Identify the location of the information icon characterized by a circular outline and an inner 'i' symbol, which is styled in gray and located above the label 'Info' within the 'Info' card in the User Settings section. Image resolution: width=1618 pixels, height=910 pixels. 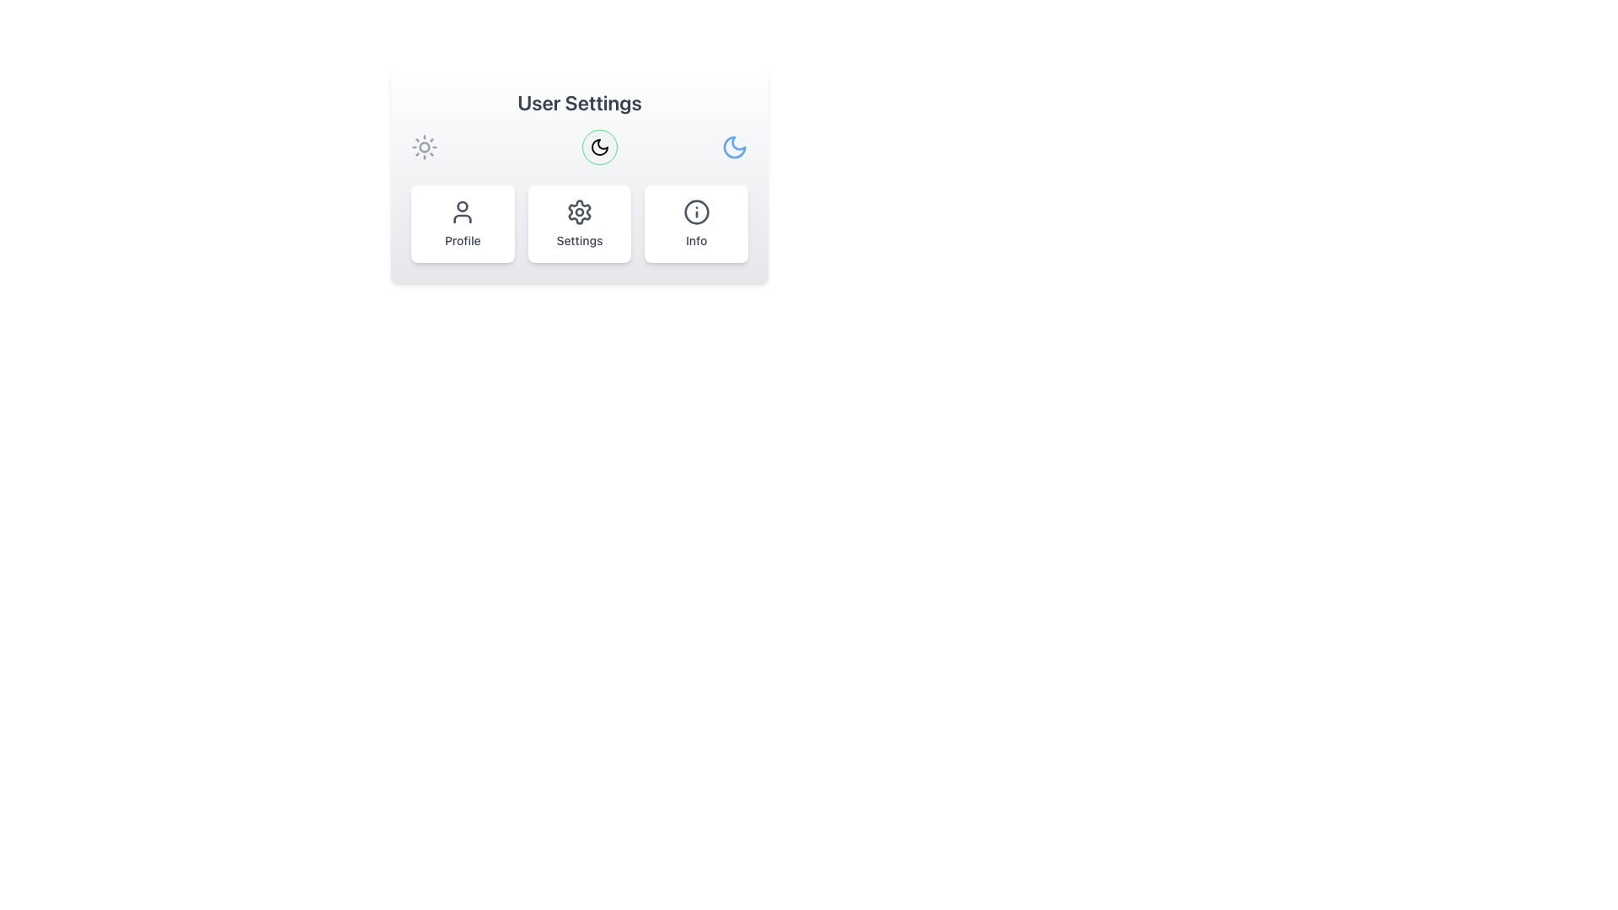
(696, 211).